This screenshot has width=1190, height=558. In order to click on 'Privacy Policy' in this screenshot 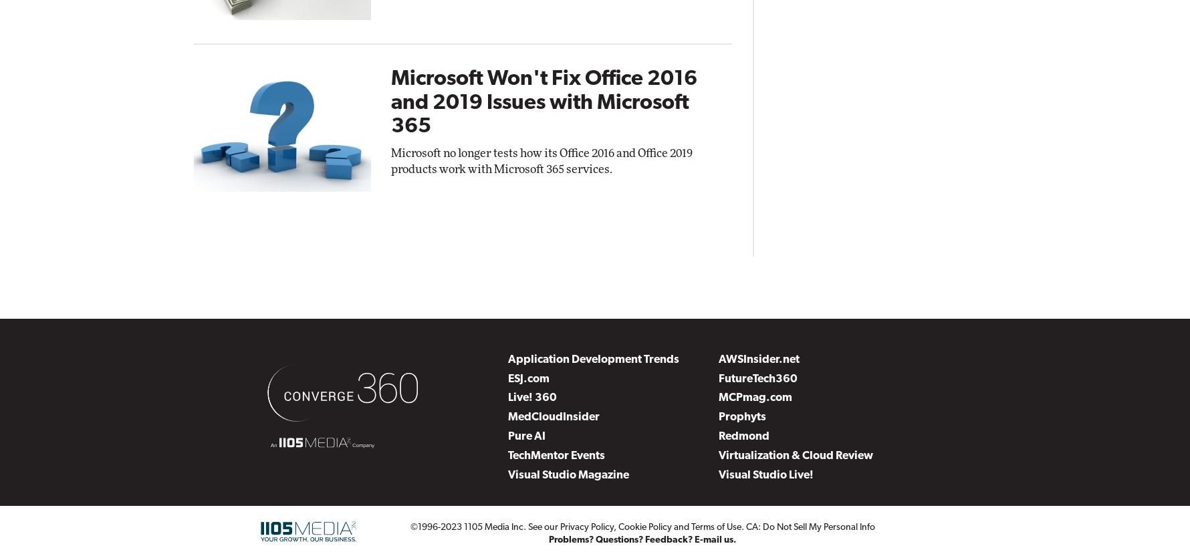, I will do `click(586, 526)`.